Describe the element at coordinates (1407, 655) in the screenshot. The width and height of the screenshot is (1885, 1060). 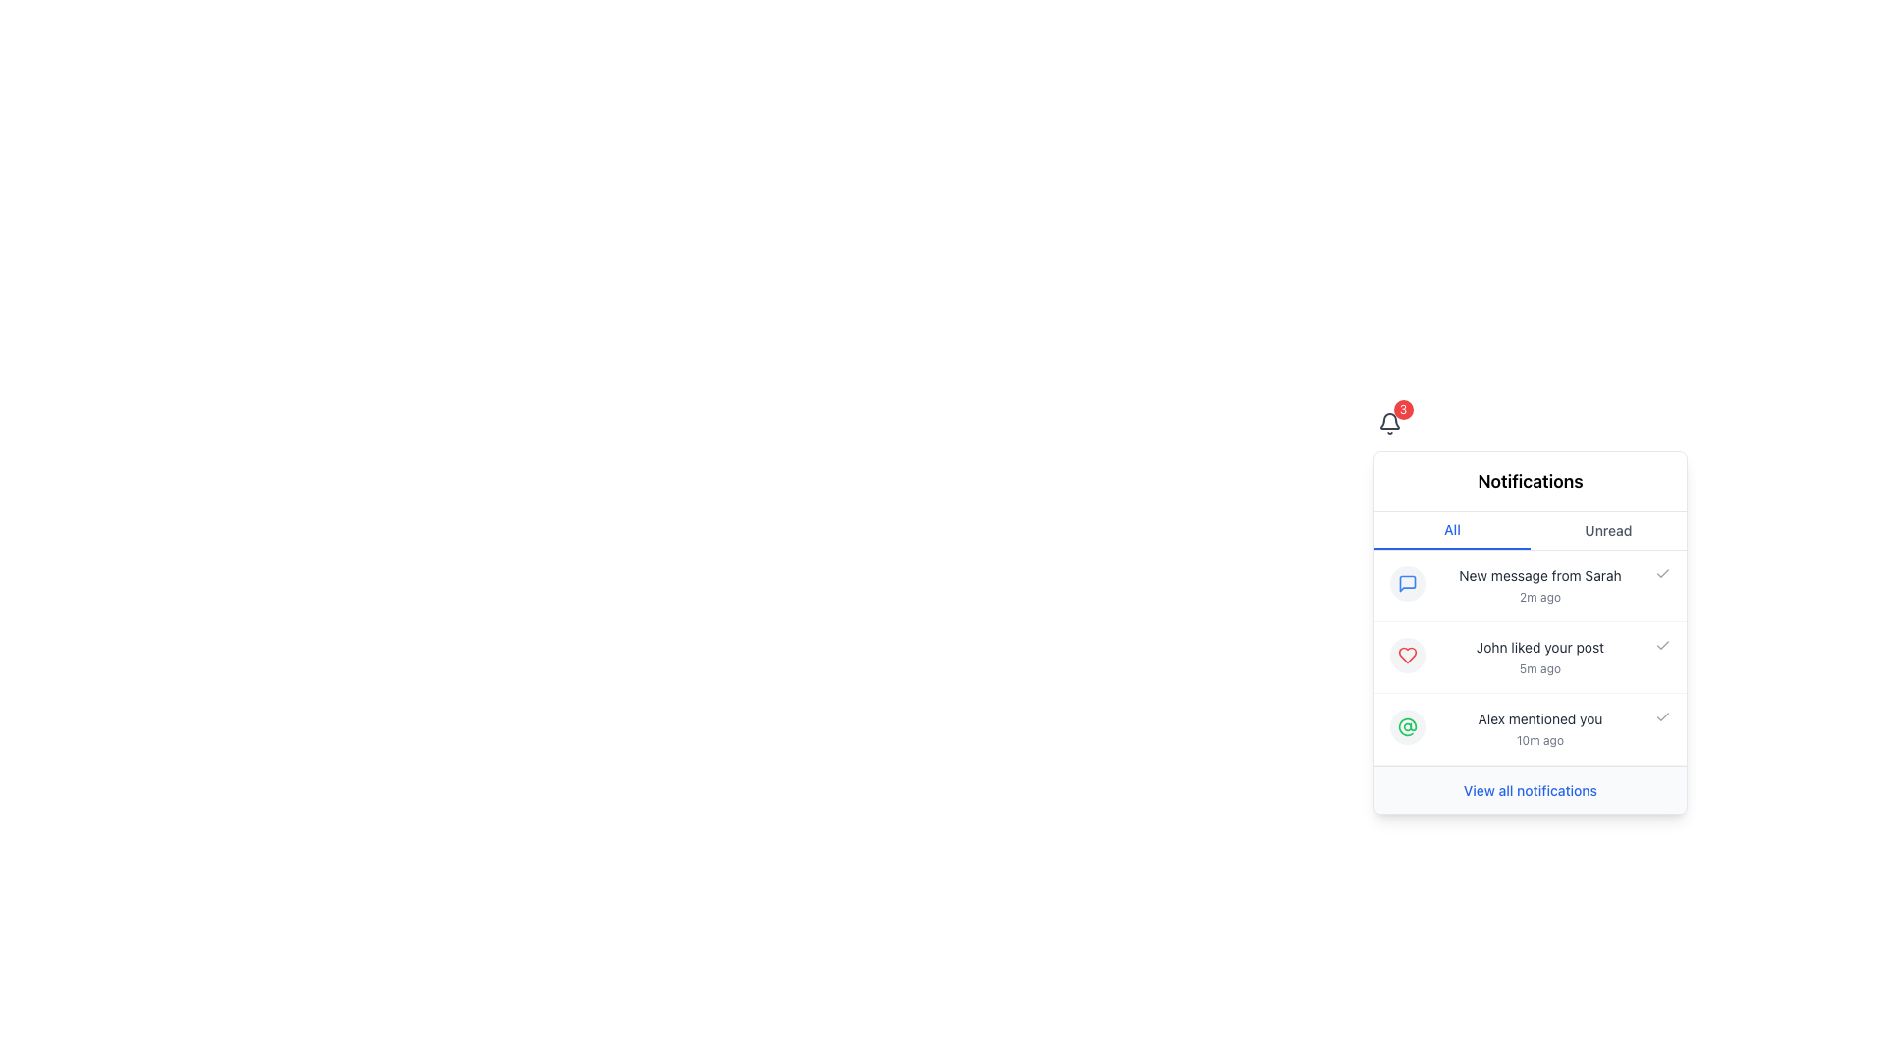
I see `the circular heart icon with a light gray background and red outlined heart, located in the second notification of the notifications panel, preceding the text 'John liked your post.'` at that location.